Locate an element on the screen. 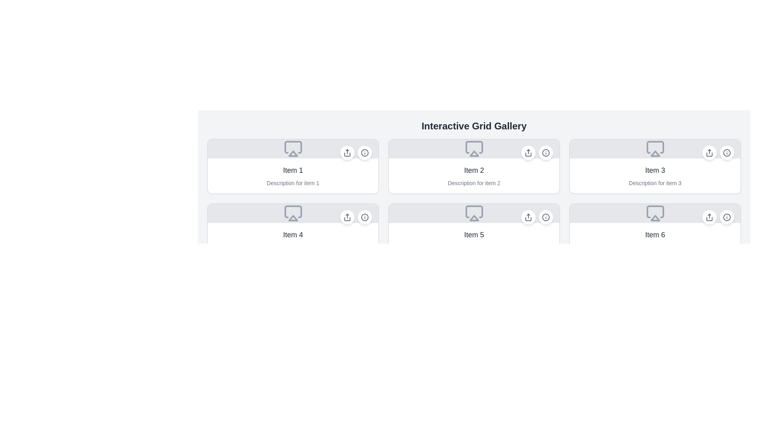 The image size is (764, 430). the decorative icon in the lower row of 'Item 6' is located at coordinates (655, 211).